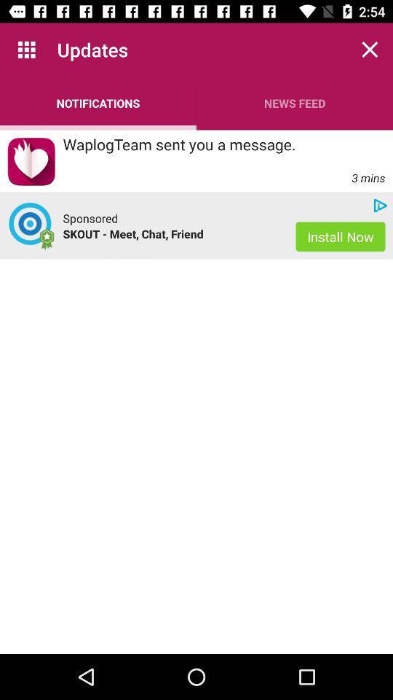 This screenshot has width=393, height=700. Describe the element at coordinates (90, 217) in the screenshot. I see `the app to the left of install now icon` at that location.